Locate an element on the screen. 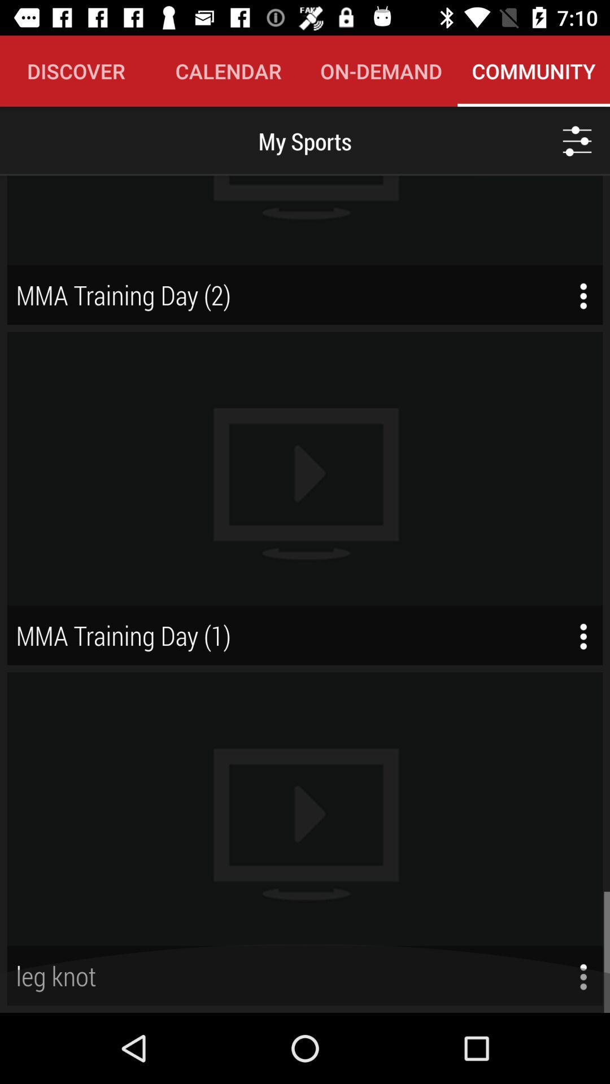  the sliders icon is located at coordinates (577, 140).